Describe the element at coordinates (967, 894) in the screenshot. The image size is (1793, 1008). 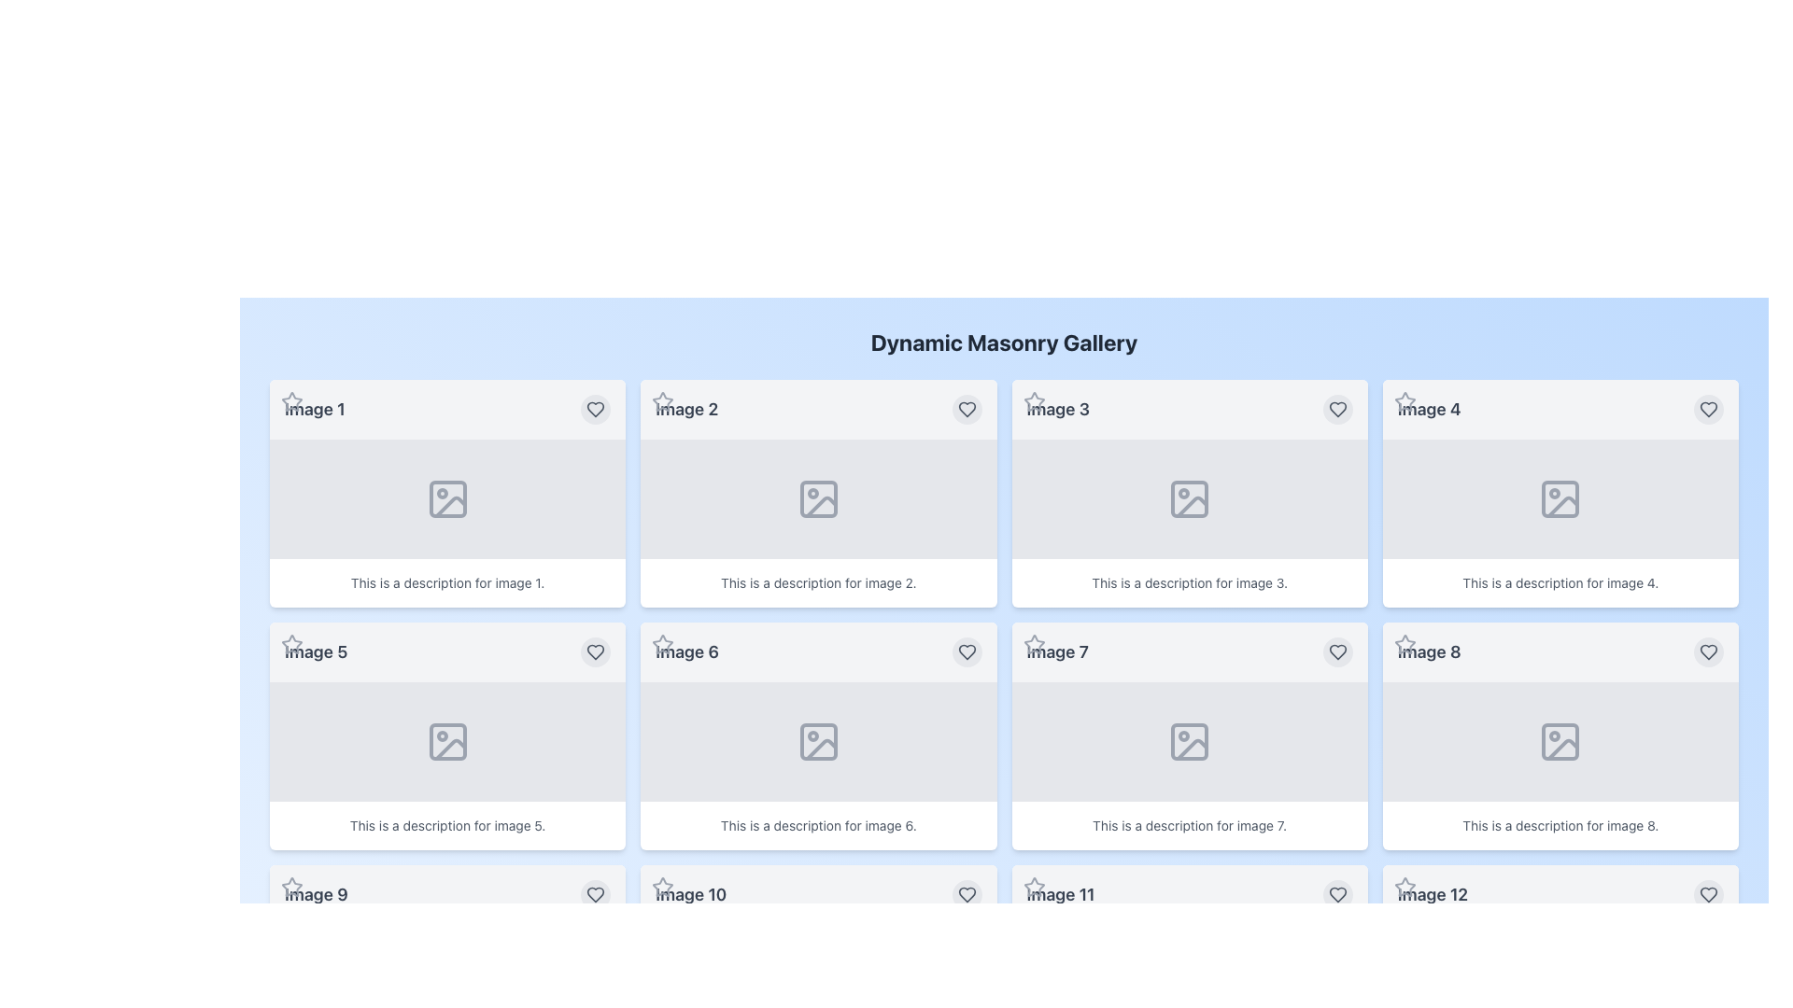
I see `the heart-shaped SVG icon located within the circular button at the bottom-right corner of the 'Image 10' card` at that location.